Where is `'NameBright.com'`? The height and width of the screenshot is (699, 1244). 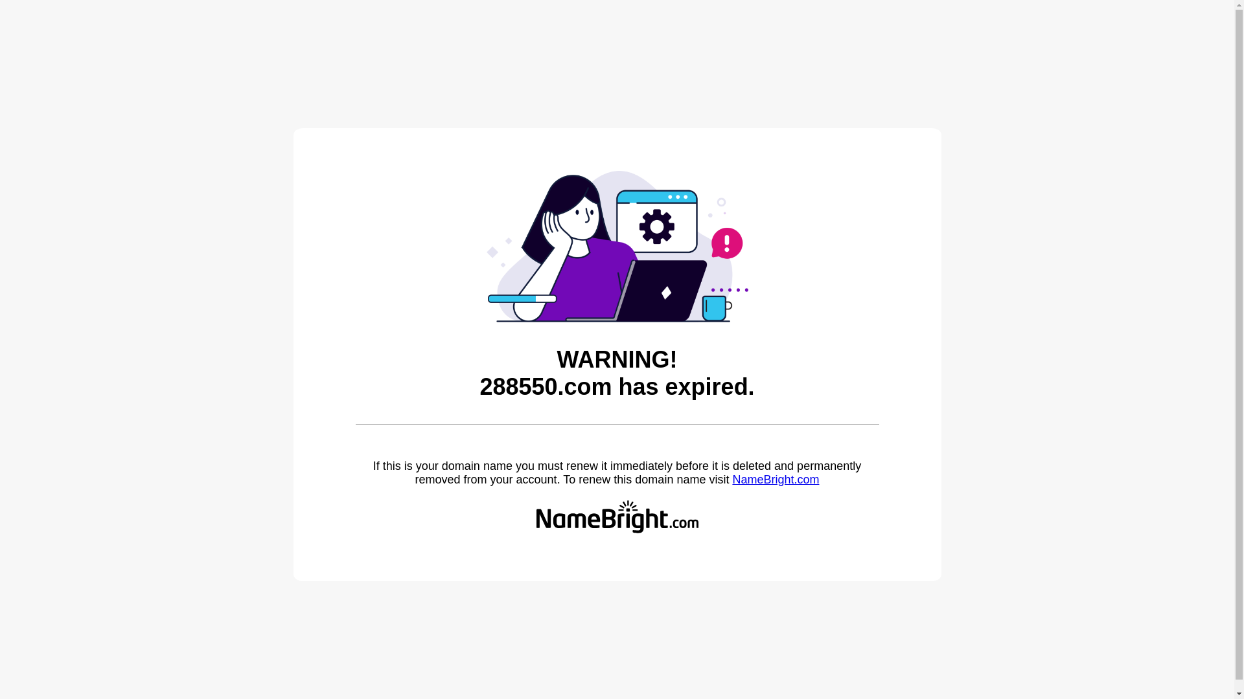 'NameBright.com' is located at coordinates (731, 479).